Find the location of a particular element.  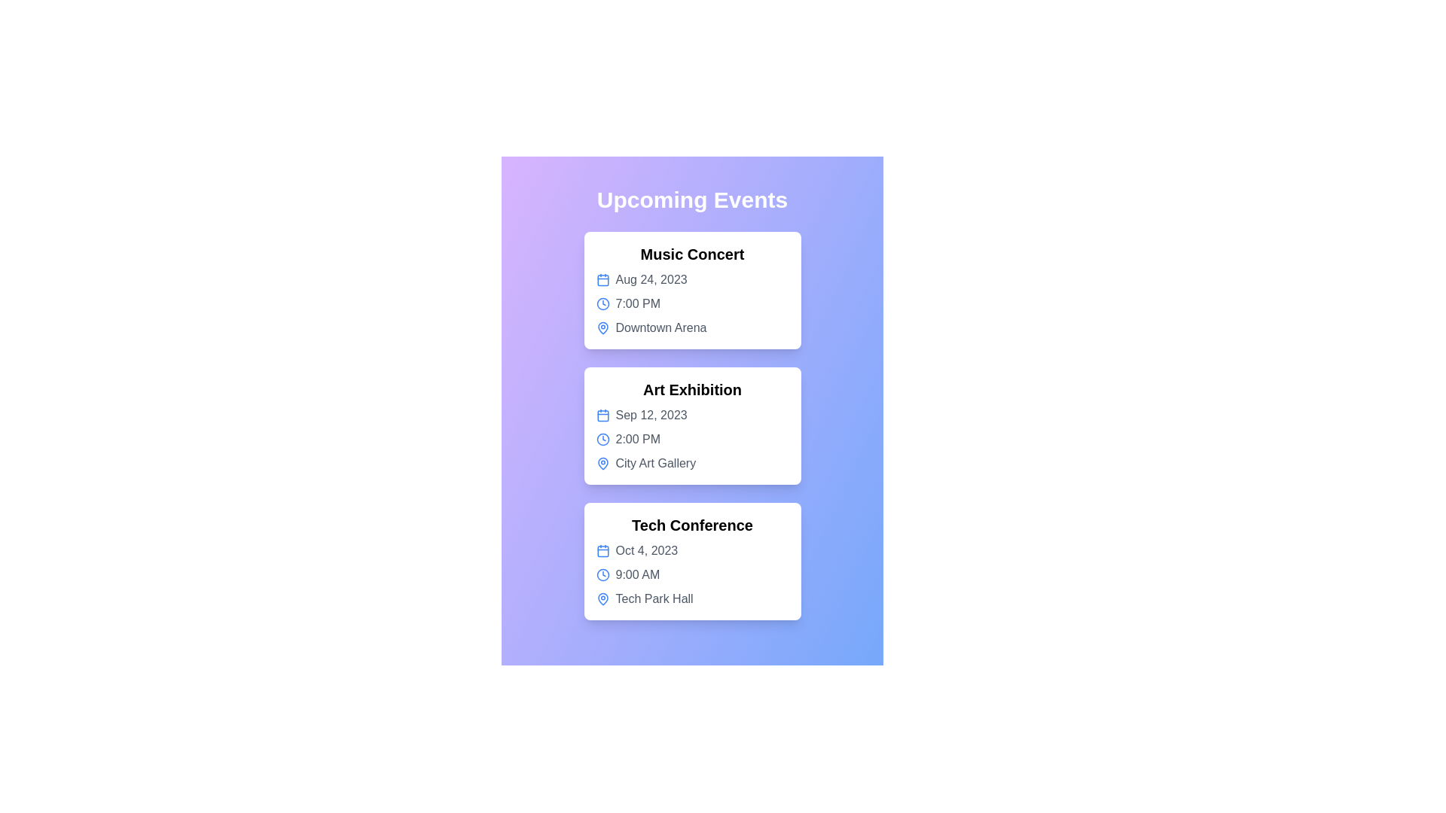

the clock icon, which is a circular blue icon with clock hands, positioned to the left of the text '7:00 PM' is located at coordinates (602, 304).